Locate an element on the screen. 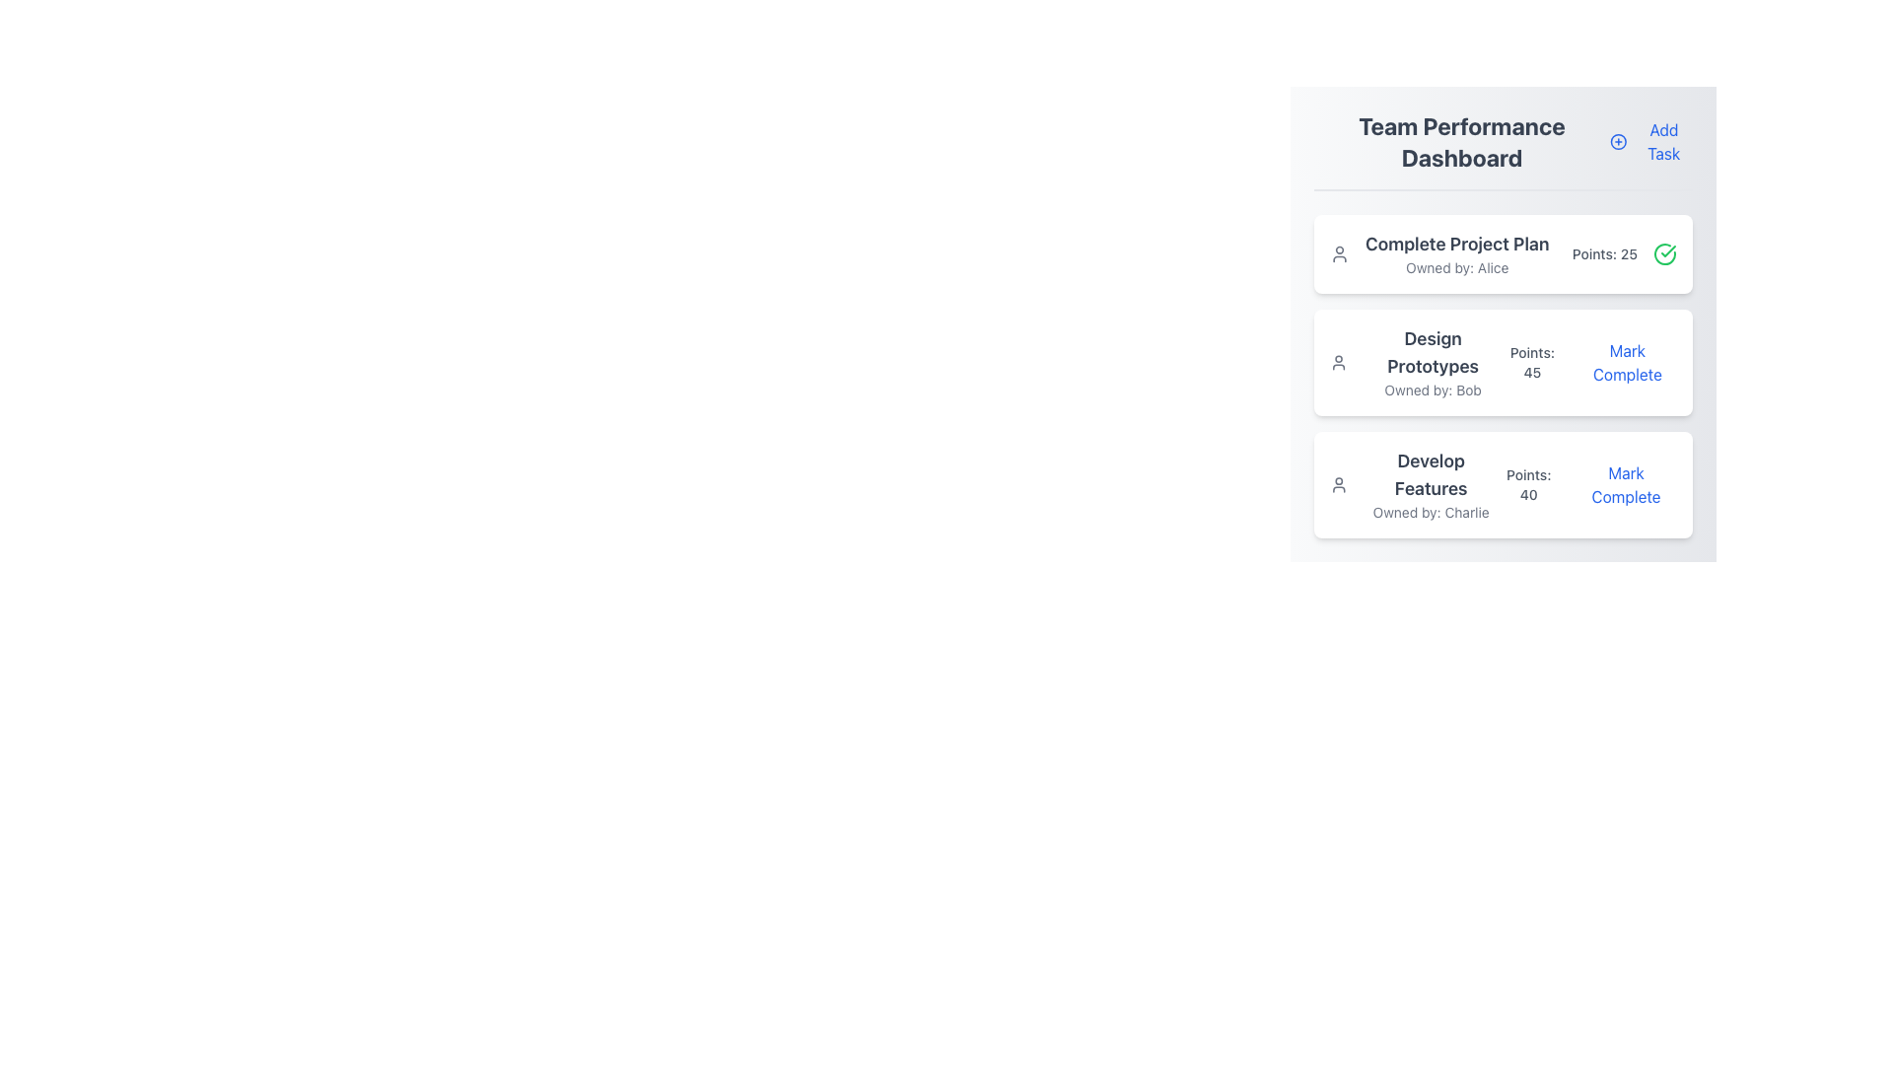 Image resolution: width=1893 pixels, height=1065 pixels. the actionable link to mark the task 'Design Prototypes' as complete, located to the right of 'Points: 45' in the second row of the task list is located at coordinates (1627, 362).